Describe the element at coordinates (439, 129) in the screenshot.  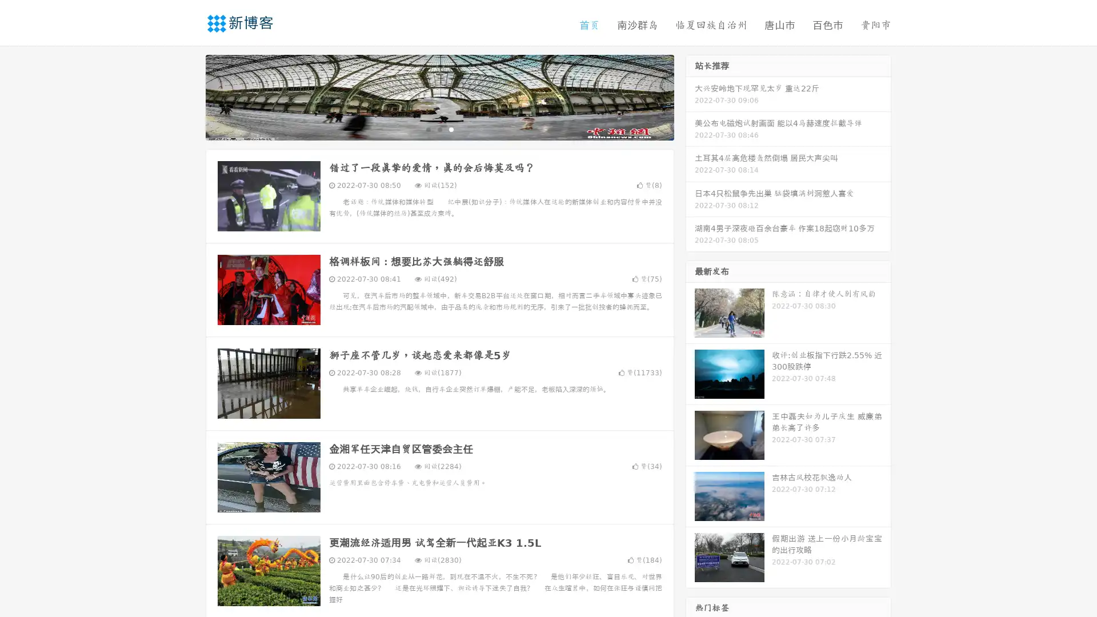
I see `Go to slide 2` at that location.